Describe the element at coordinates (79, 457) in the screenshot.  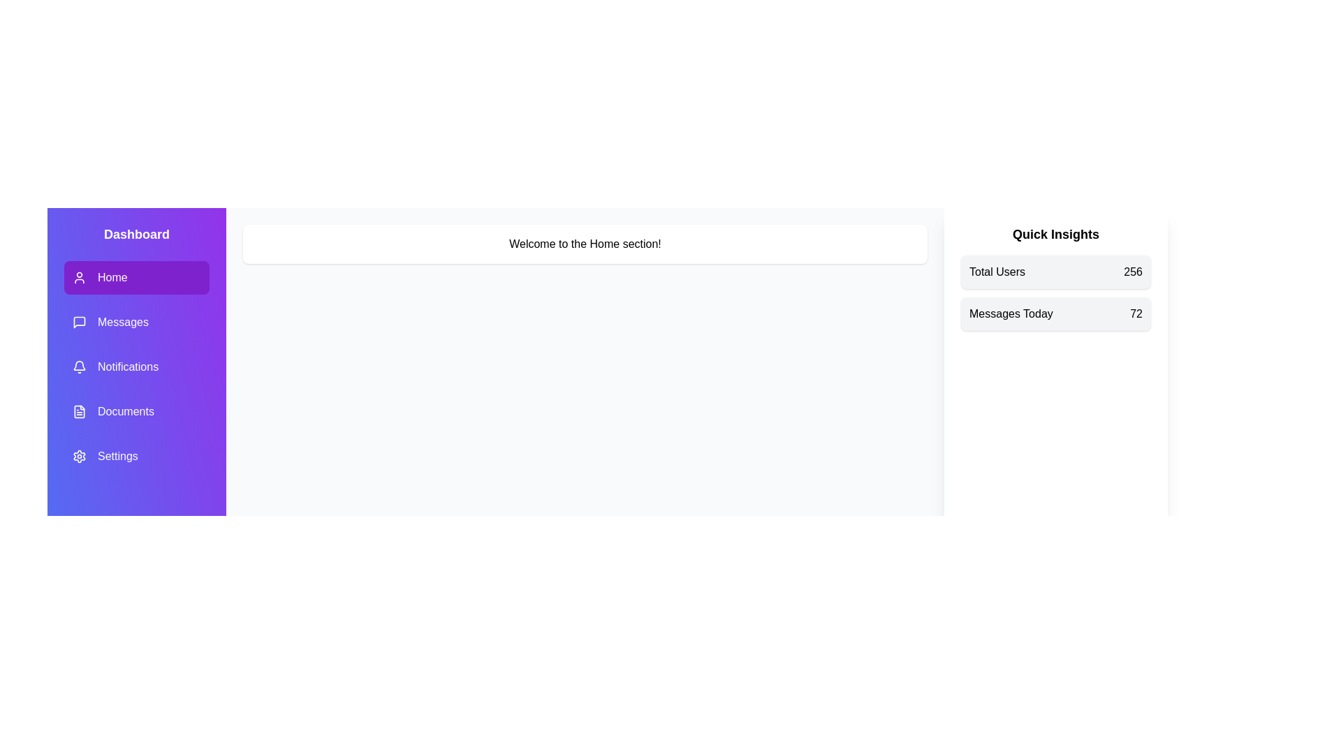
I see `the gear-shaped settings icon located in the bottom part of the vertical menu on the left side of the interface, under the label 'Settings'` at that location.